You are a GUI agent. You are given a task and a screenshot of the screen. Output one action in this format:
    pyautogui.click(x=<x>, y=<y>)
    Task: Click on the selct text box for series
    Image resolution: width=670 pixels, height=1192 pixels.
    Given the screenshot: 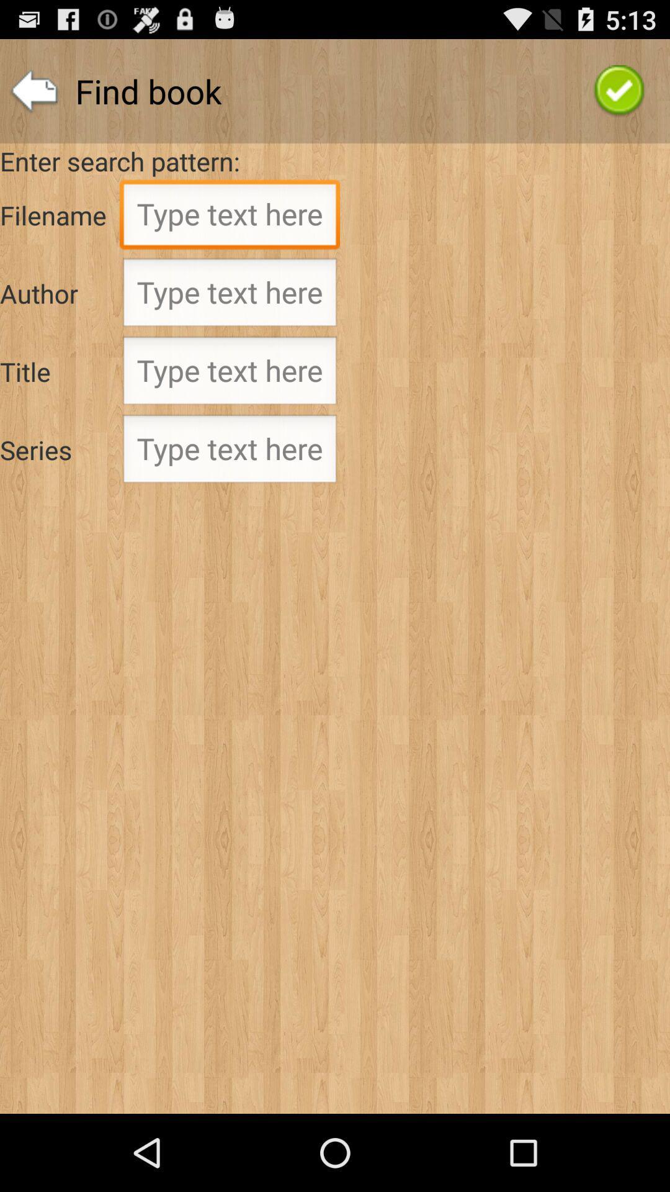 What is the action you would take?
    pyautogui.click(x=230, y=452)
    